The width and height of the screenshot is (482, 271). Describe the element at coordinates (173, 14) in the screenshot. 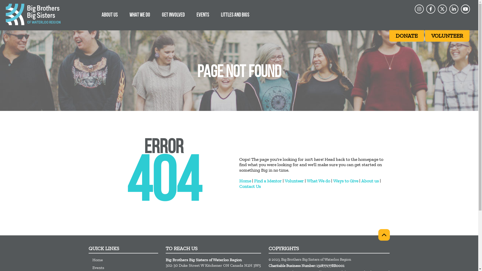

I see `'GET INVOLVED'` at that location.